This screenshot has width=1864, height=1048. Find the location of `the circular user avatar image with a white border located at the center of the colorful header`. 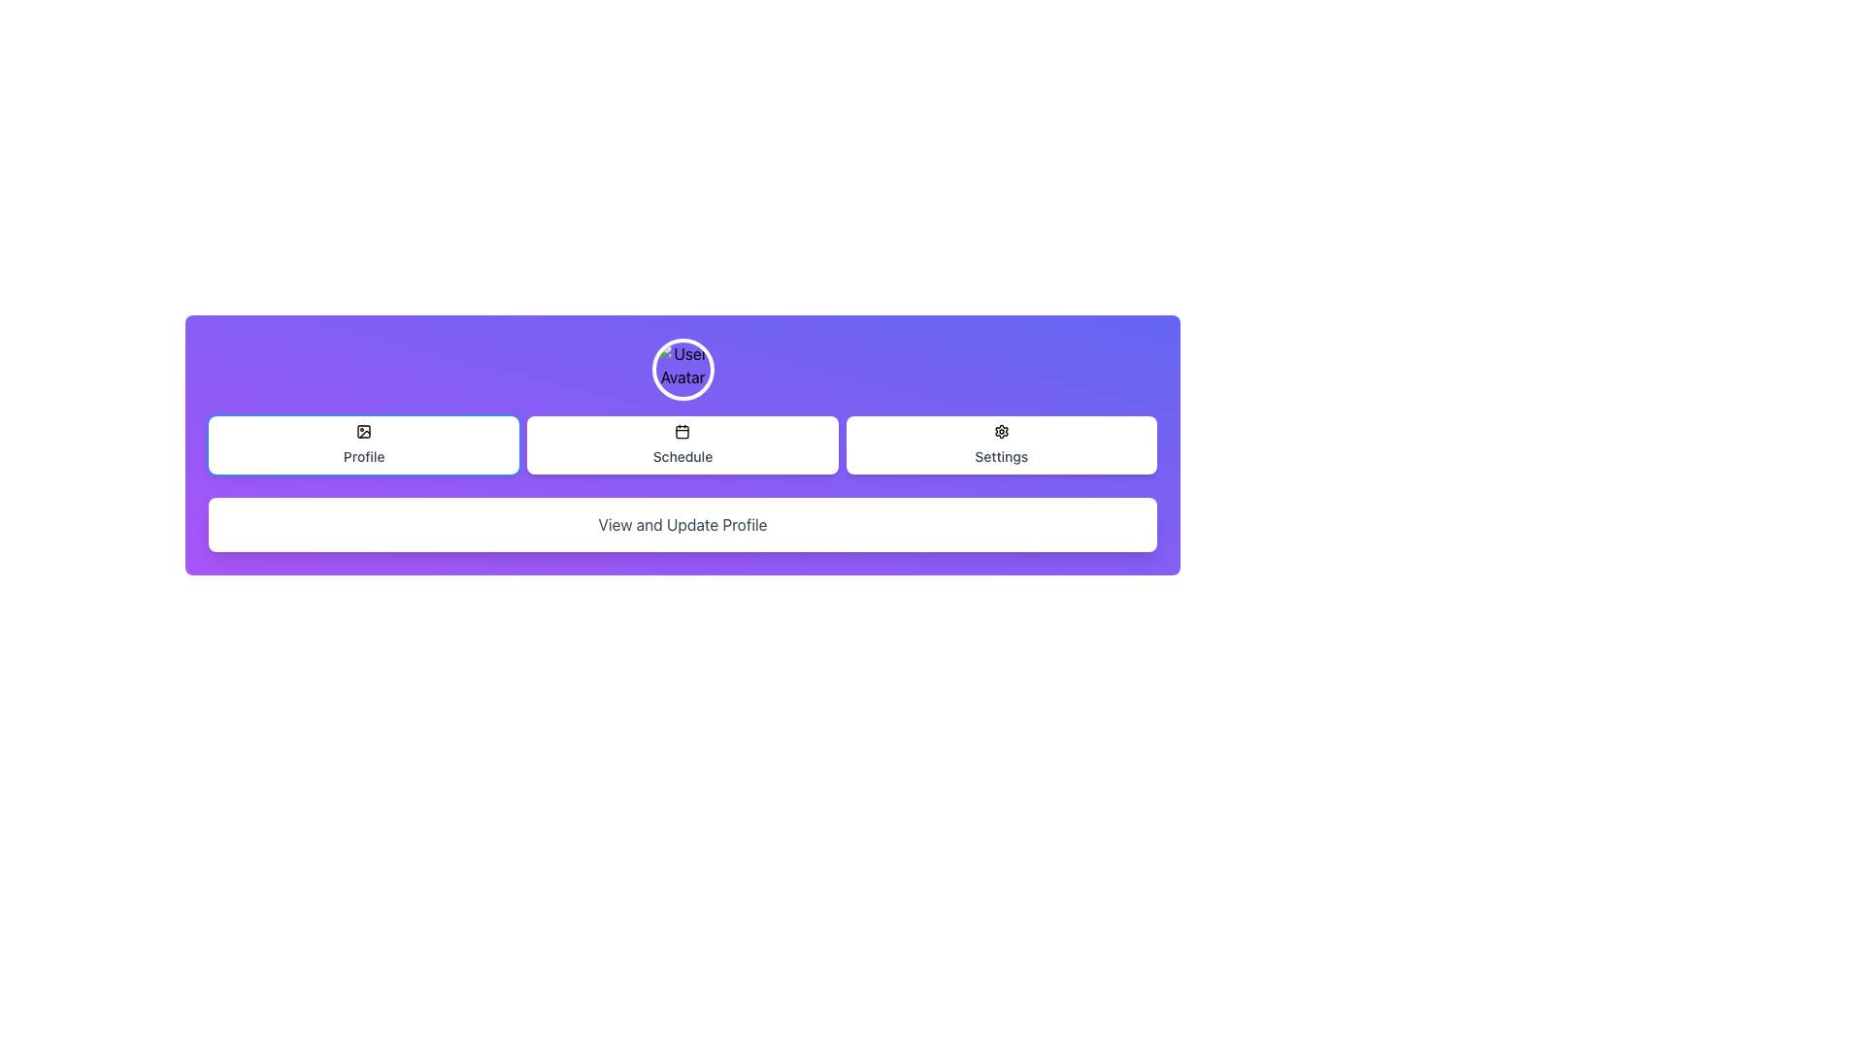

the circular user avatar image with a white border located at the center of the colorful header is located at coordinates (682, 370).